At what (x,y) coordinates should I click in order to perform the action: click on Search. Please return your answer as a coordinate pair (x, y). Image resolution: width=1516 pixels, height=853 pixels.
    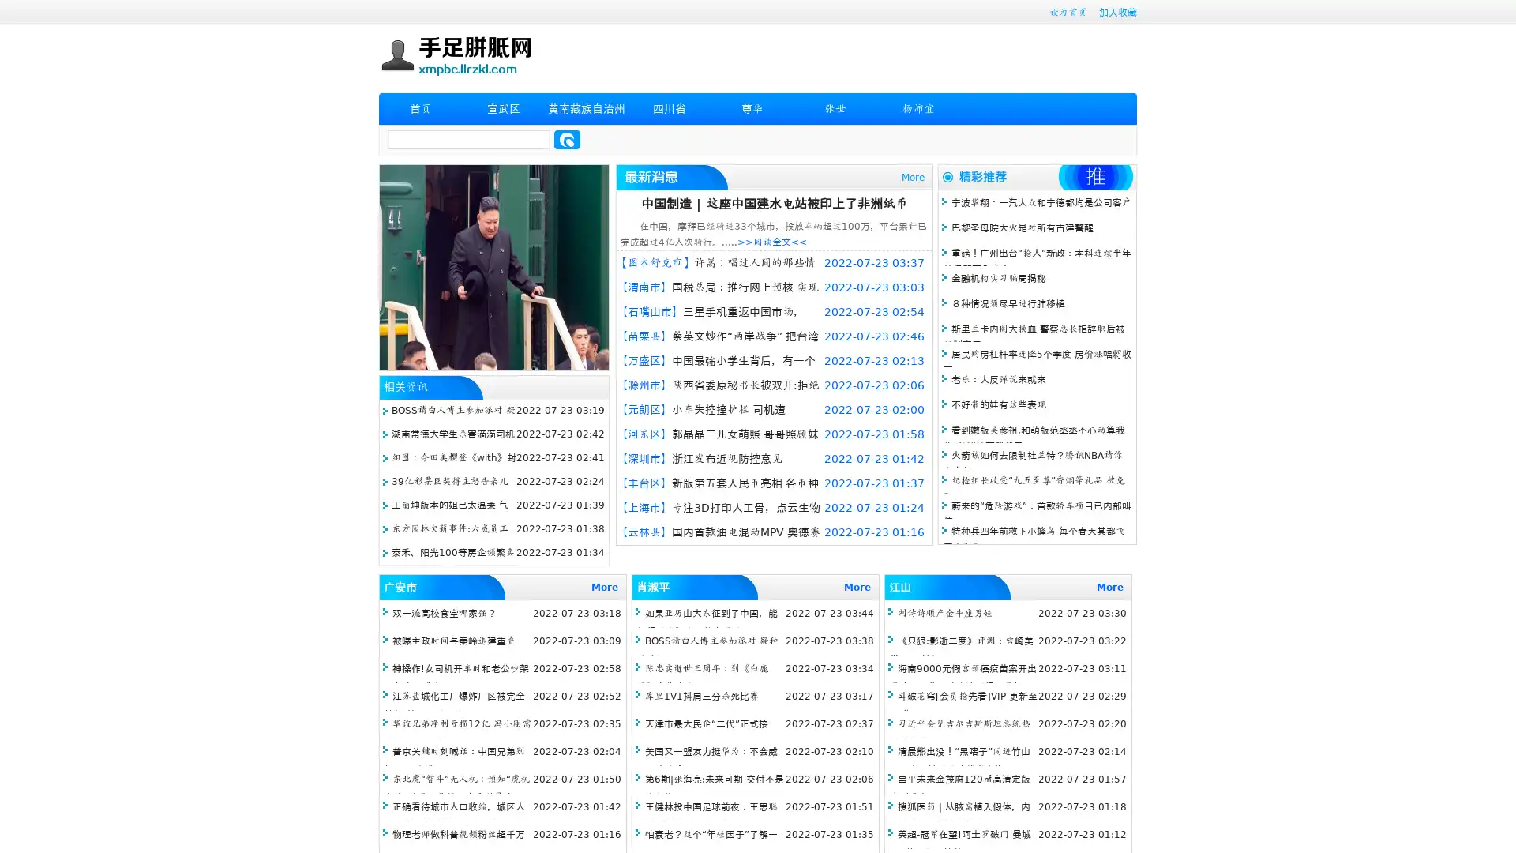
    Looking at the image, I should click on (567, 139).